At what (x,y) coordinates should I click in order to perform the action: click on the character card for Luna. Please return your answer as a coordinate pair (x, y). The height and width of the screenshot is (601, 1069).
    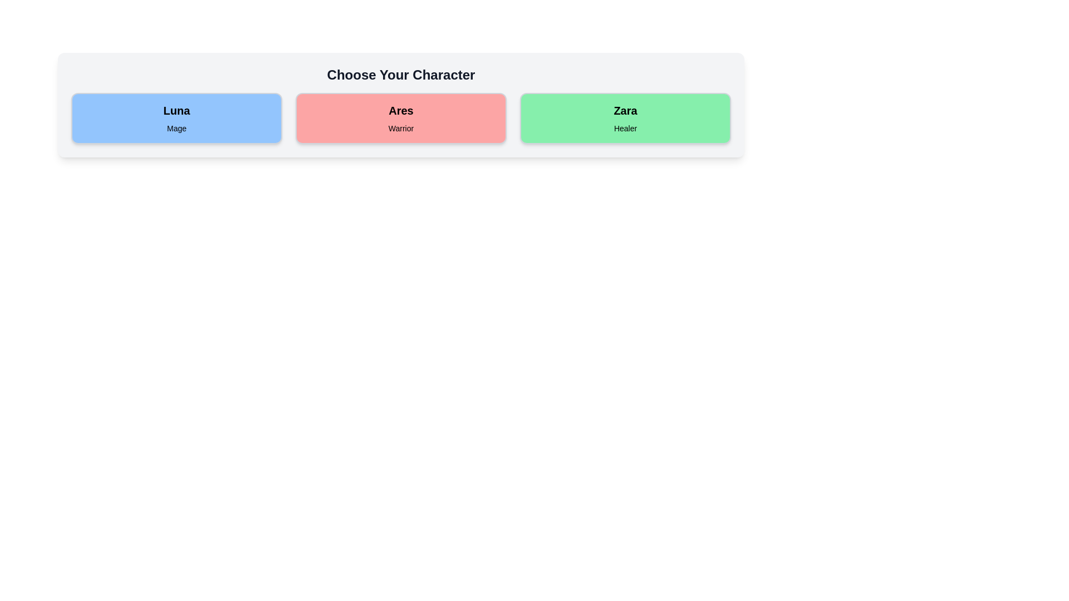
    Looking at the image, I should click on (176, 118).